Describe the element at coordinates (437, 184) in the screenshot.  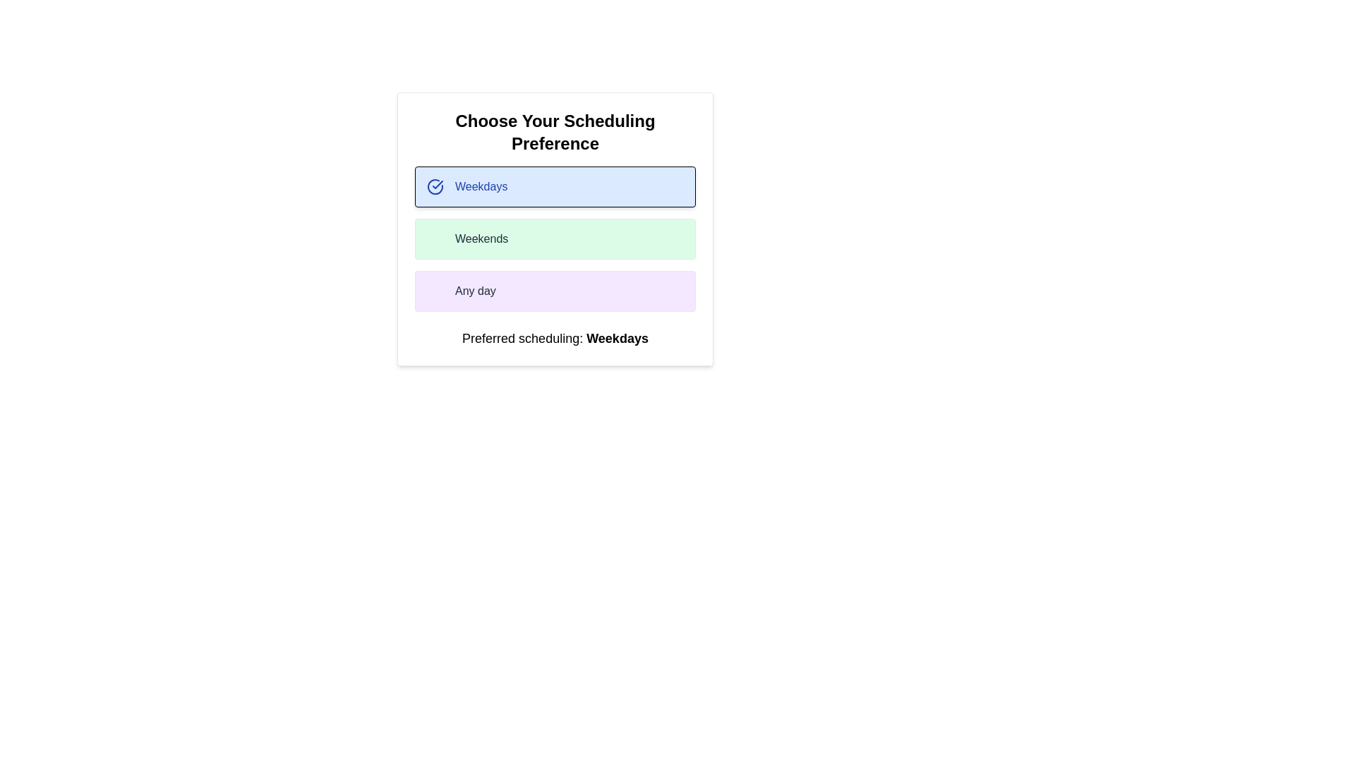
I see `the visual indicator icon located to the left of the 'Weekdays' selection option` at that location.